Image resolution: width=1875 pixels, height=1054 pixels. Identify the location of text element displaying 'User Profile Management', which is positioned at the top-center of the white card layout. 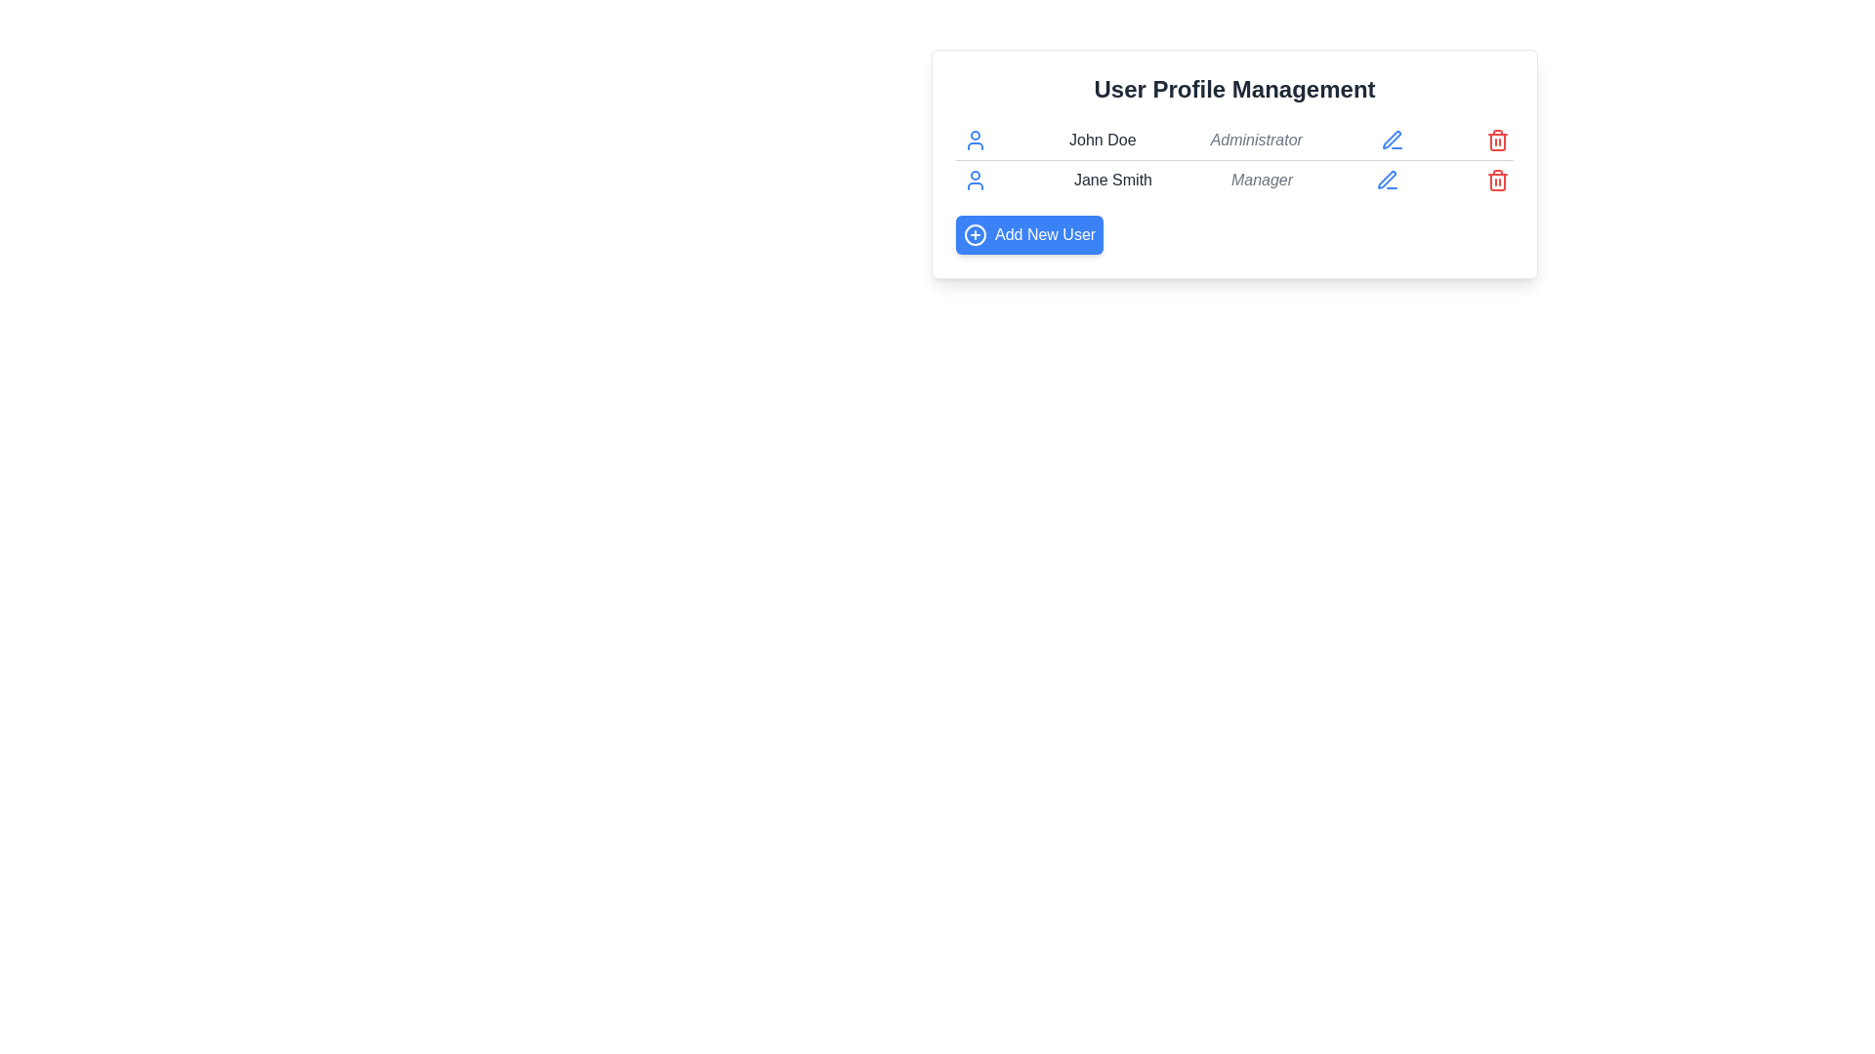
(1233, 90).